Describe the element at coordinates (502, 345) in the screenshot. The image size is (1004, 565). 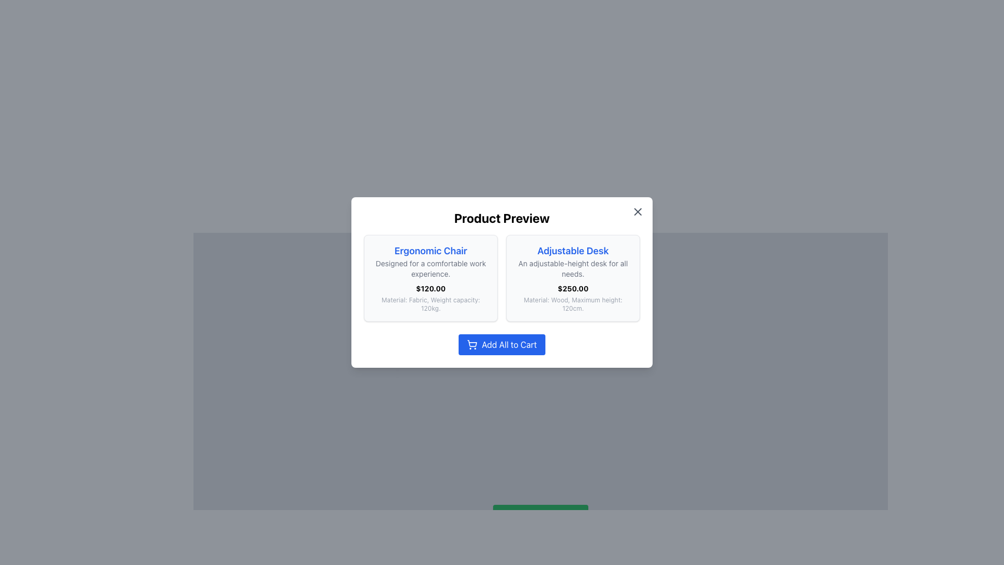
I see `the 'Add All to Cart' button with blue background and white text, located at the bottom of the panel, to change its background color` at that location.